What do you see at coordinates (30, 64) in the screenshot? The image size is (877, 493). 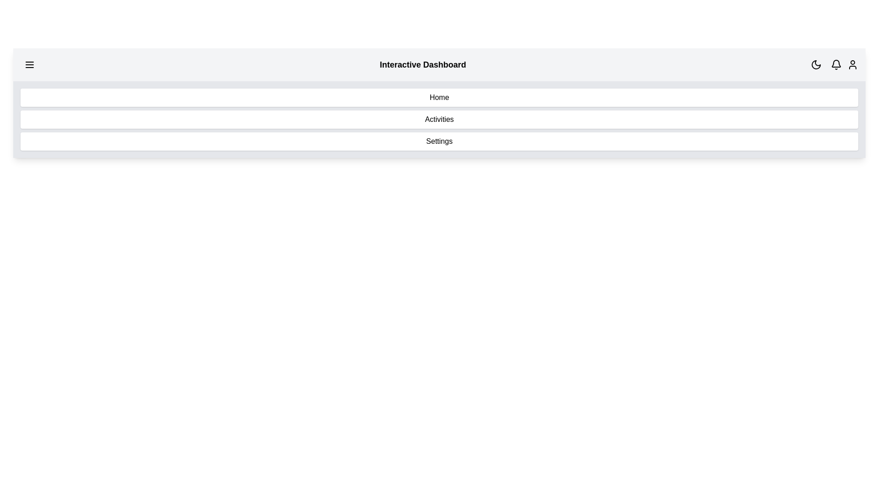 I see `the menu toggle button in the top-left corner of the app bar` at bounding box center [30, 64].